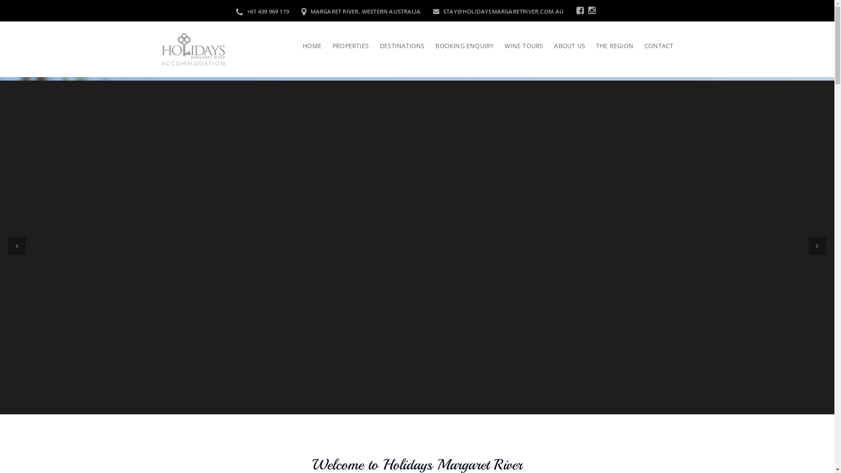 This screenshot has height=473, width=841. Describe the element at coordinates (817, 245) in the screenshot. I see `'Next'` at that location.